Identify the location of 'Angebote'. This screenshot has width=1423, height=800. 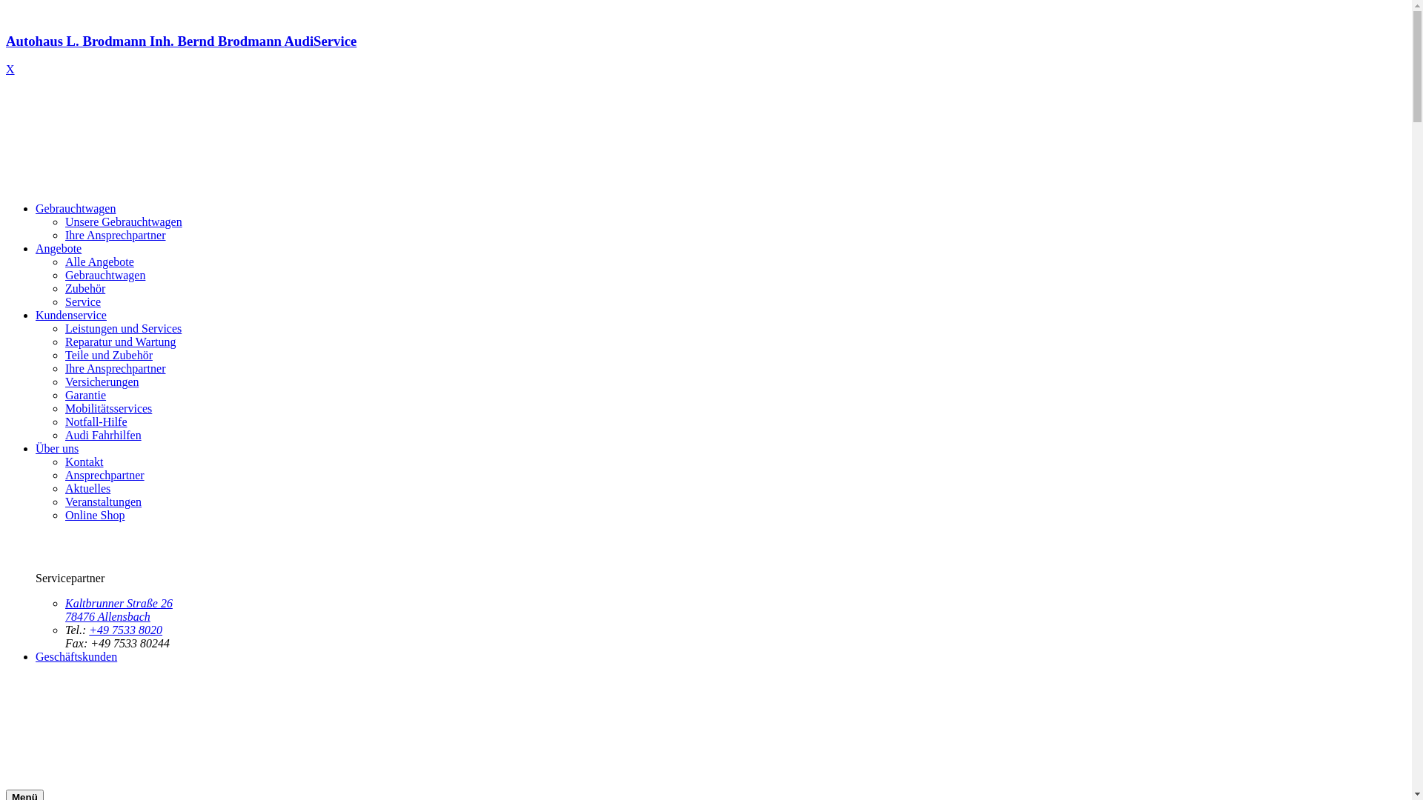
(36, 247).